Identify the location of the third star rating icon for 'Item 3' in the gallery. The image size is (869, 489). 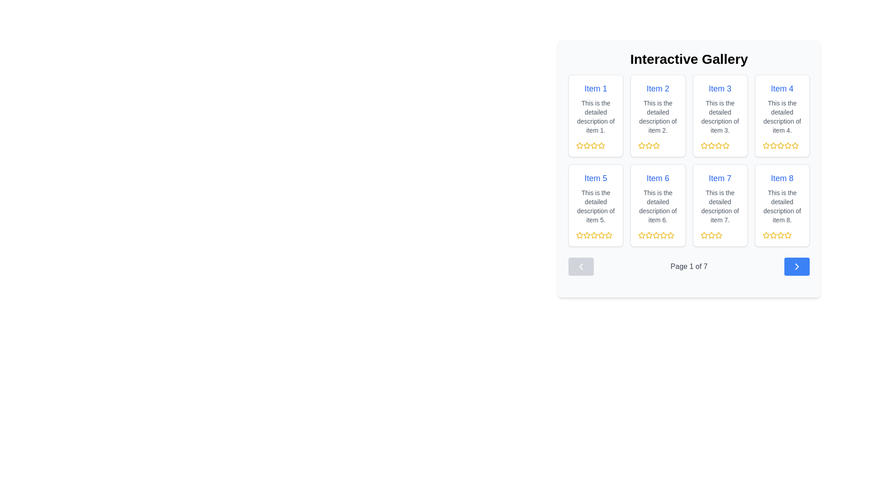
(718, 145).